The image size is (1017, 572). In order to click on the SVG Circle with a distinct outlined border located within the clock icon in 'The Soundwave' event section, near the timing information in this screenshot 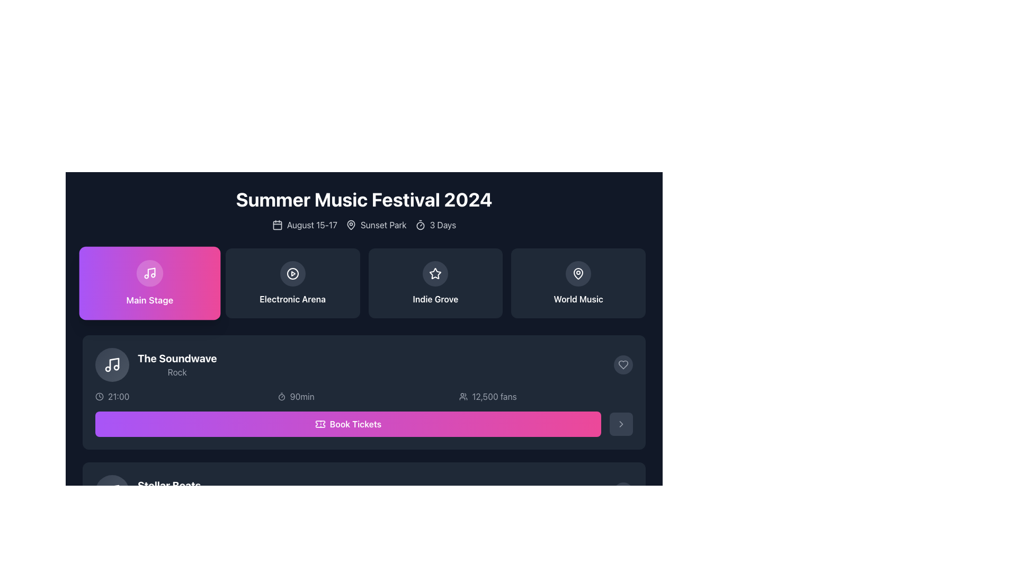, I will do `click(99, 396)`.